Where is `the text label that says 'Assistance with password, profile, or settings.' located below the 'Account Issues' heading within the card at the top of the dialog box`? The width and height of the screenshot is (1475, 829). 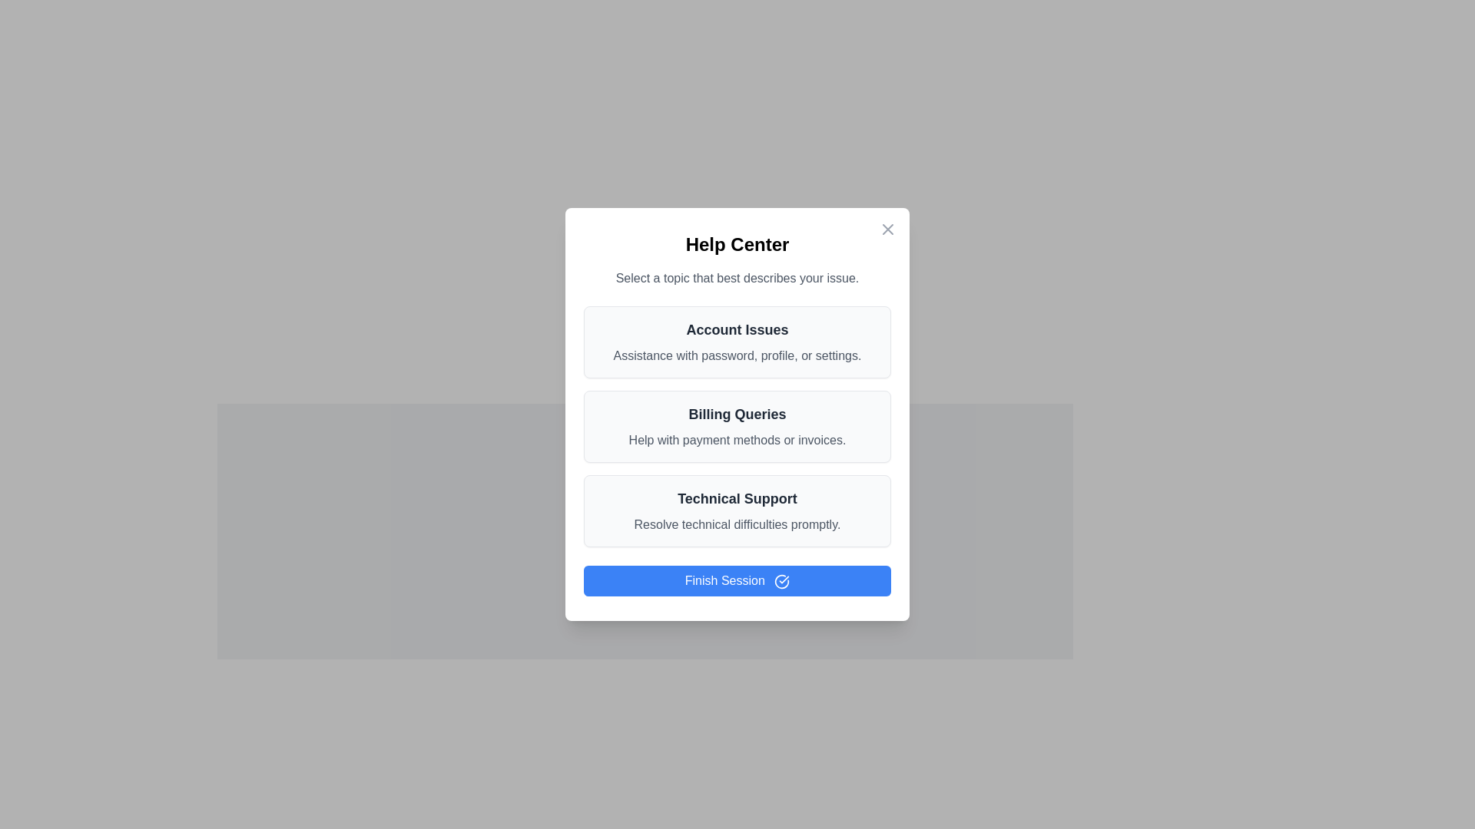
the text label that says 'Assistance with password, profile, or settings.' located below the 'Account Issues' heading within the card at the top of the dialog box is located at coordinates (737, 355).